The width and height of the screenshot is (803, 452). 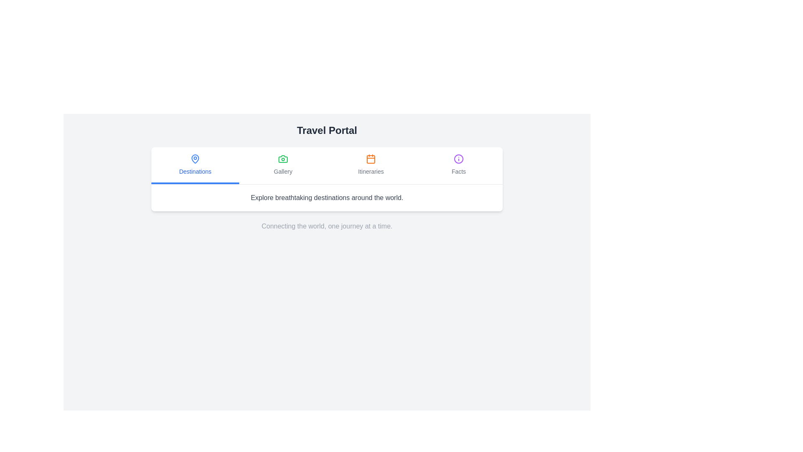 I want to click on the 'Facts' text label located below the information icon in the fourth column of the top navigation section, so click(x=458, y=171).